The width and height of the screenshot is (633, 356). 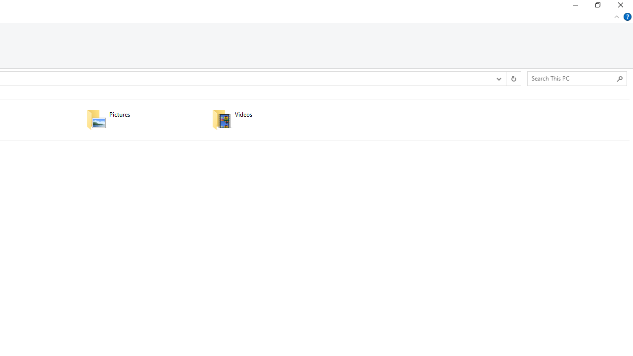 I want to click on 'Search Box', so click(x=572, y=78).